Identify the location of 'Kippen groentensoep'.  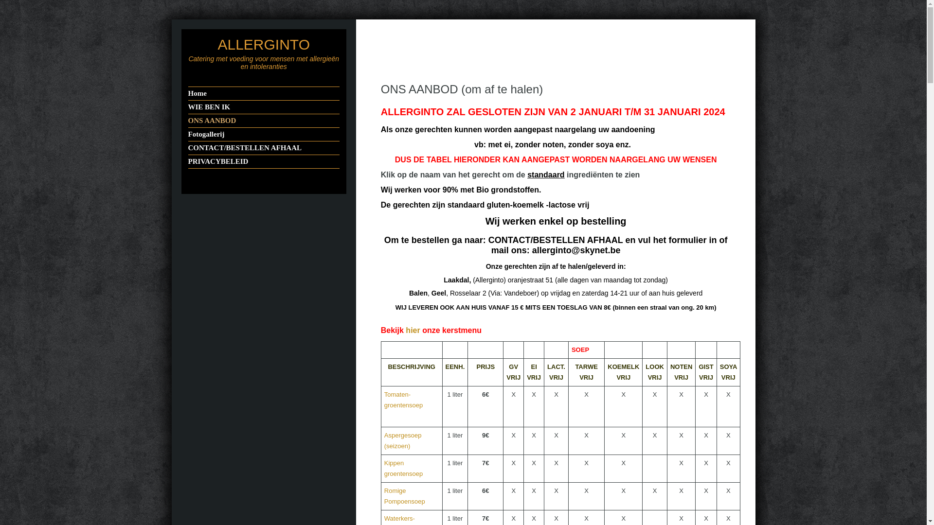
(404, 468).